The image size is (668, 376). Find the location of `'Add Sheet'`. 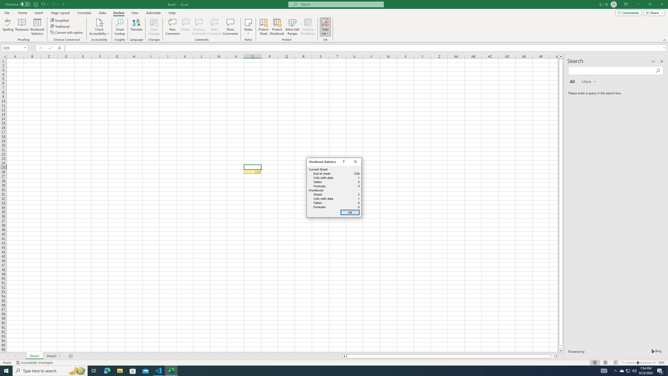

'Add Sheet' is located at coordinates (71, 356).